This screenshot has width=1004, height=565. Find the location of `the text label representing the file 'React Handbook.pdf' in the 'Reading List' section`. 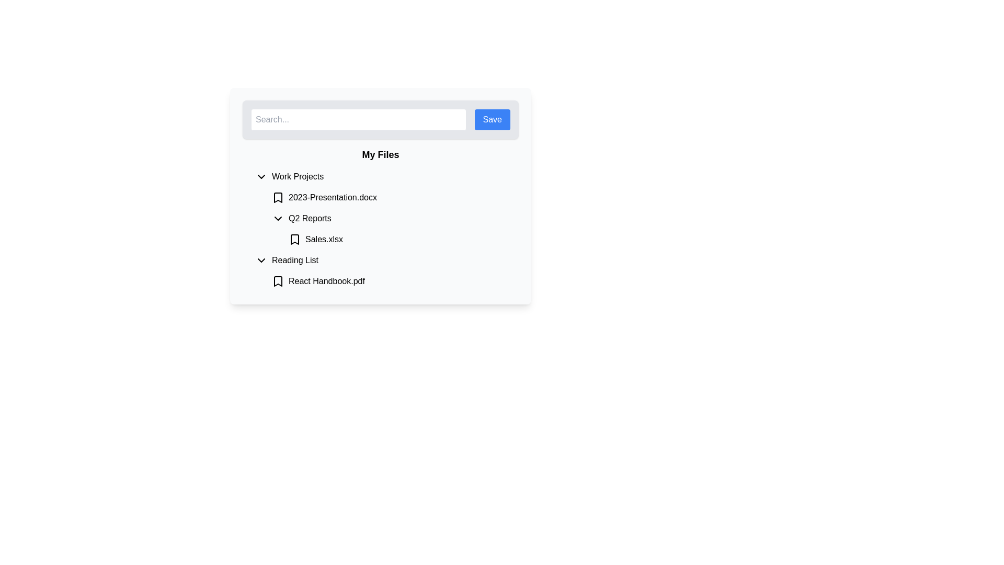

the text label representing the file 'React Handbook.pdf' in the 'Reading List' section is located at coordinates (326, 280).